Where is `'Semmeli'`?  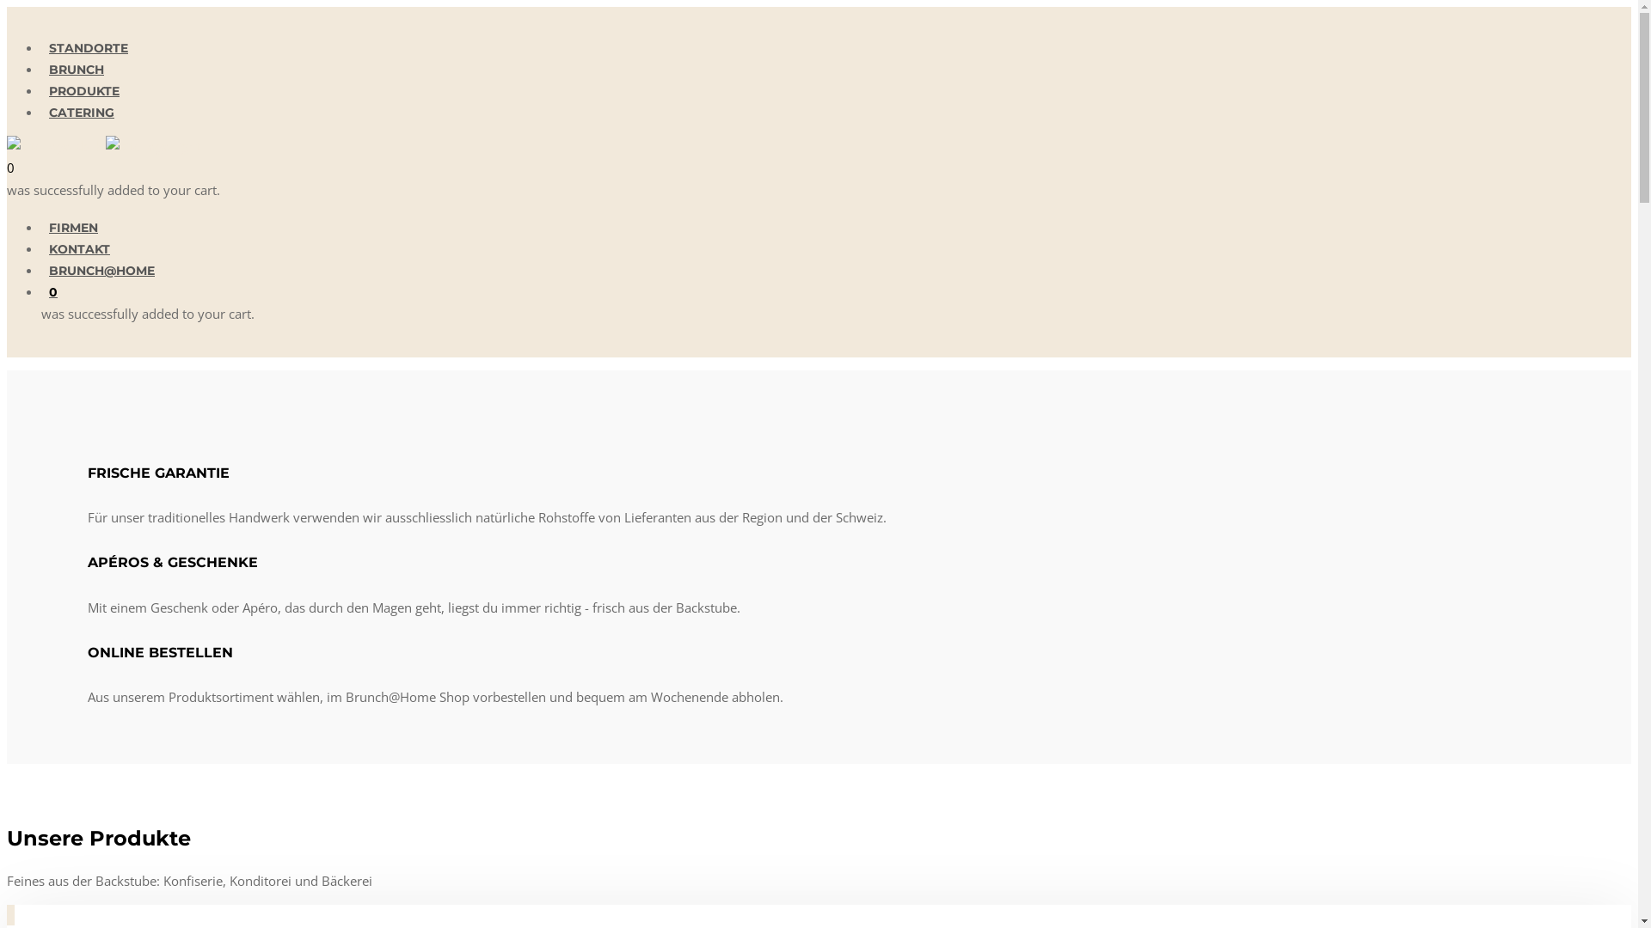 'Semmeli' is located at coordinates (10, 913).